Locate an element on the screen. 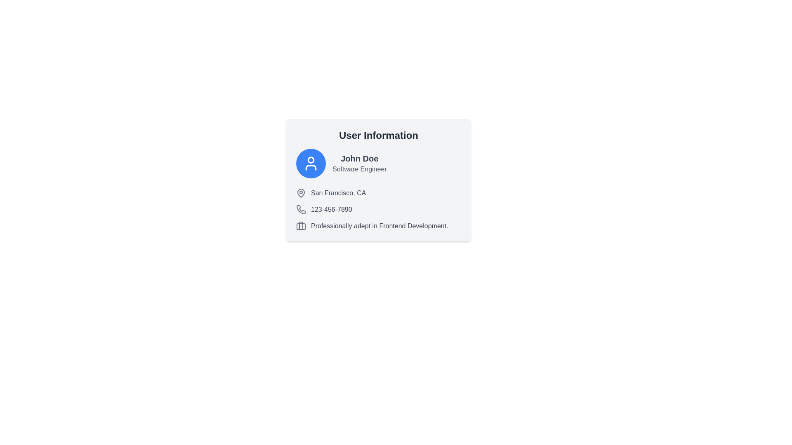 Image resolution: width=792 pixels, height=445 pixels. the bottom rectangular part of the briefcase icon located at the lower-left corner of the user card interface is located at coordinates (300, 227).